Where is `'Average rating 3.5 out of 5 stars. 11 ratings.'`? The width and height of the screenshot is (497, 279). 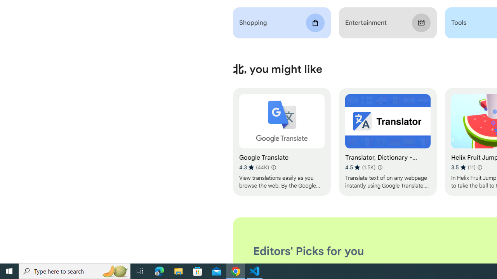 'Average rating 3.5 out of 5 stars. 11 ratings.' is located at coordinates (463, 167).